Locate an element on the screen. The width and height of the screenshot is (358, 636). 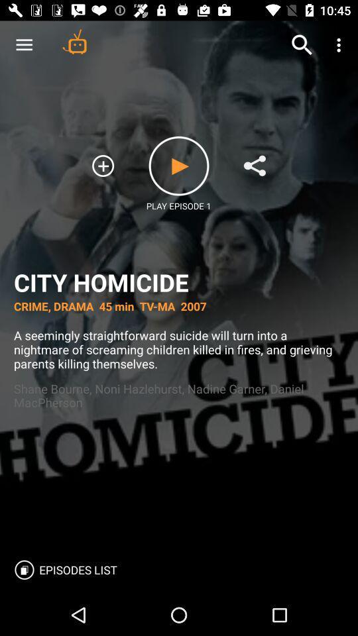
icon above the city homicide icon is located at coordinates (102, 165).